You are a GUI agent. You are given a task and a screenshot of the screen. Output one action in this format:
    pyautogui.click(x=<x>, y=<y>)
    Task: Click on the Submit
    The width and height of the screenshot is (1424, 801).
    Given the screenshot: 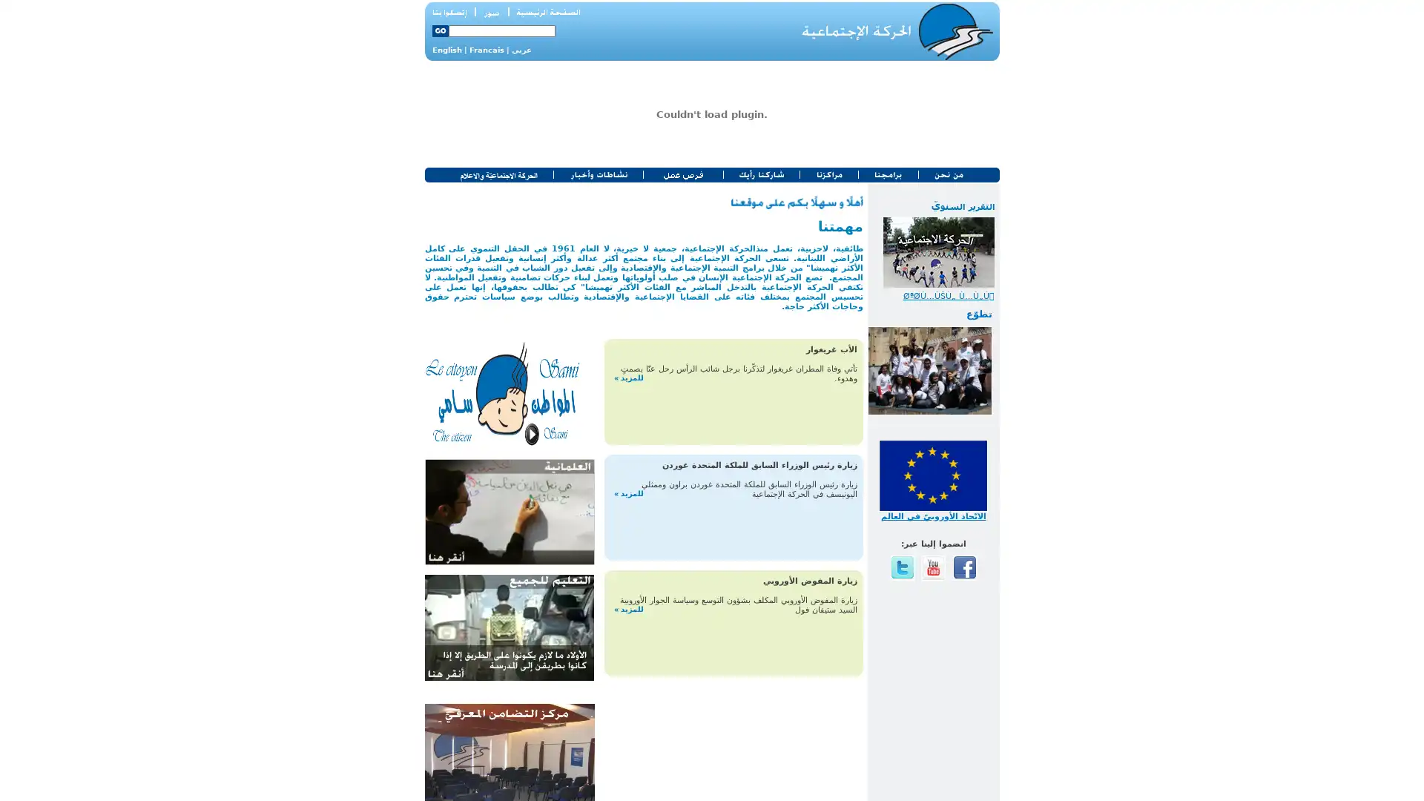 What is the action you would take?
    pyautogui.click(x=439, y=31)
    